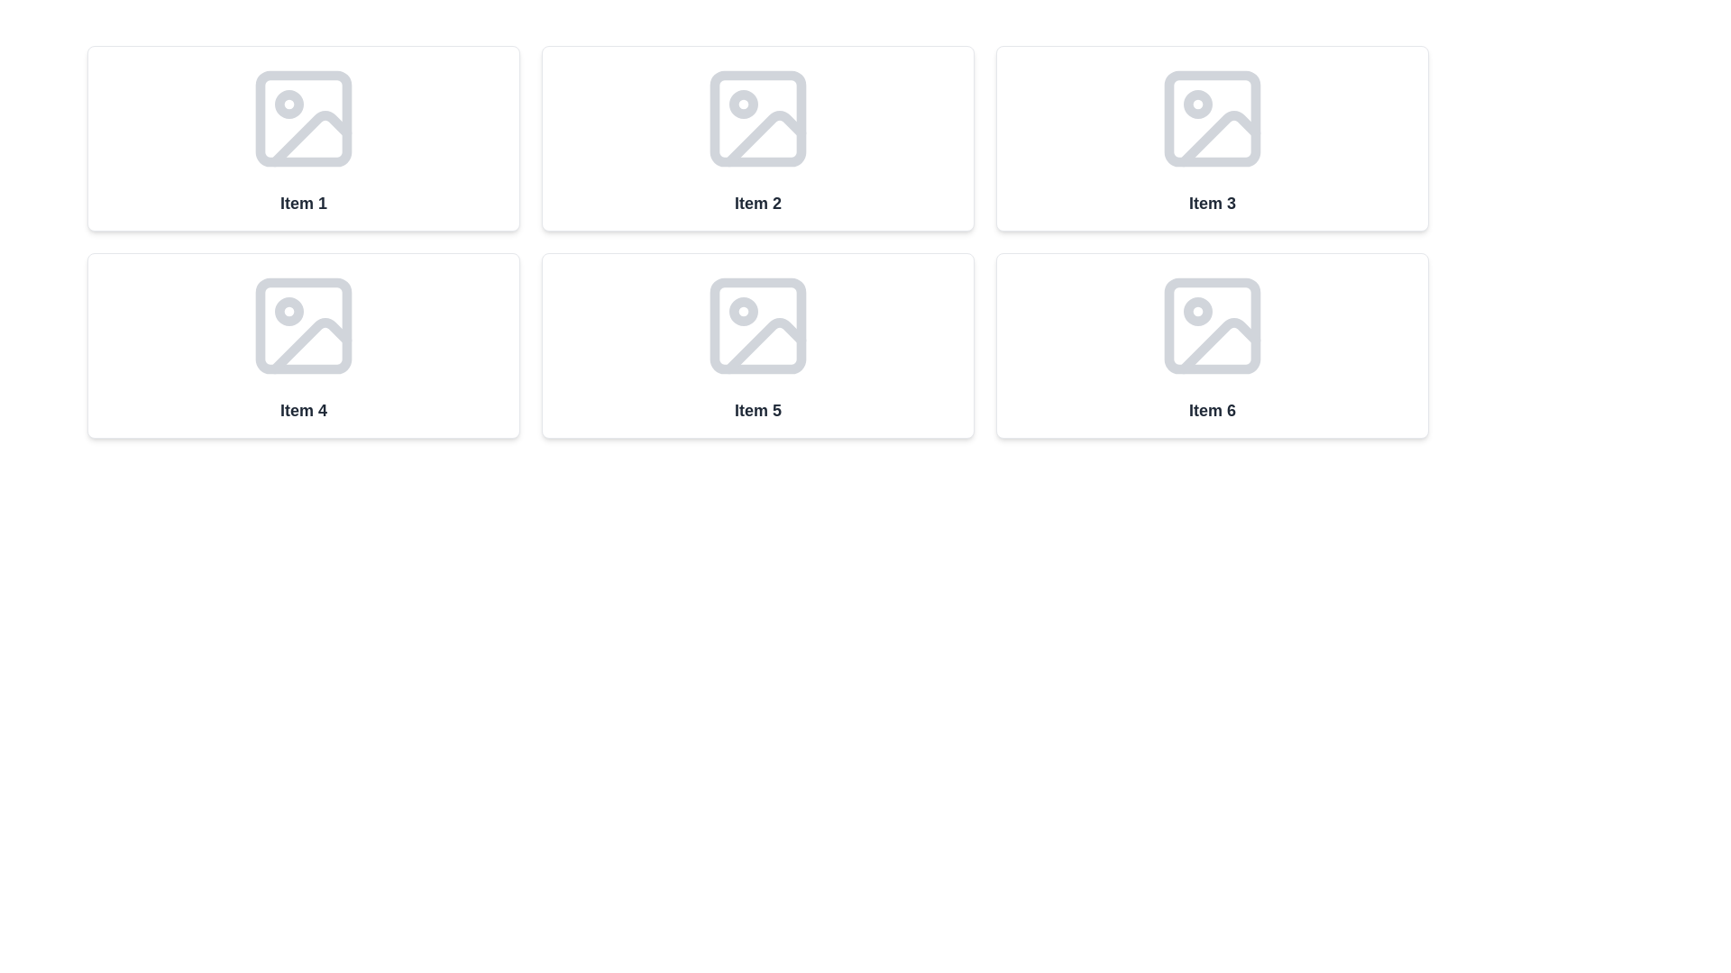  Describe the element at coordinates (303, 203) in the screenshot. I see `the static text label located in the lower portion of the first card in a 2x3 grid layout` at that location.